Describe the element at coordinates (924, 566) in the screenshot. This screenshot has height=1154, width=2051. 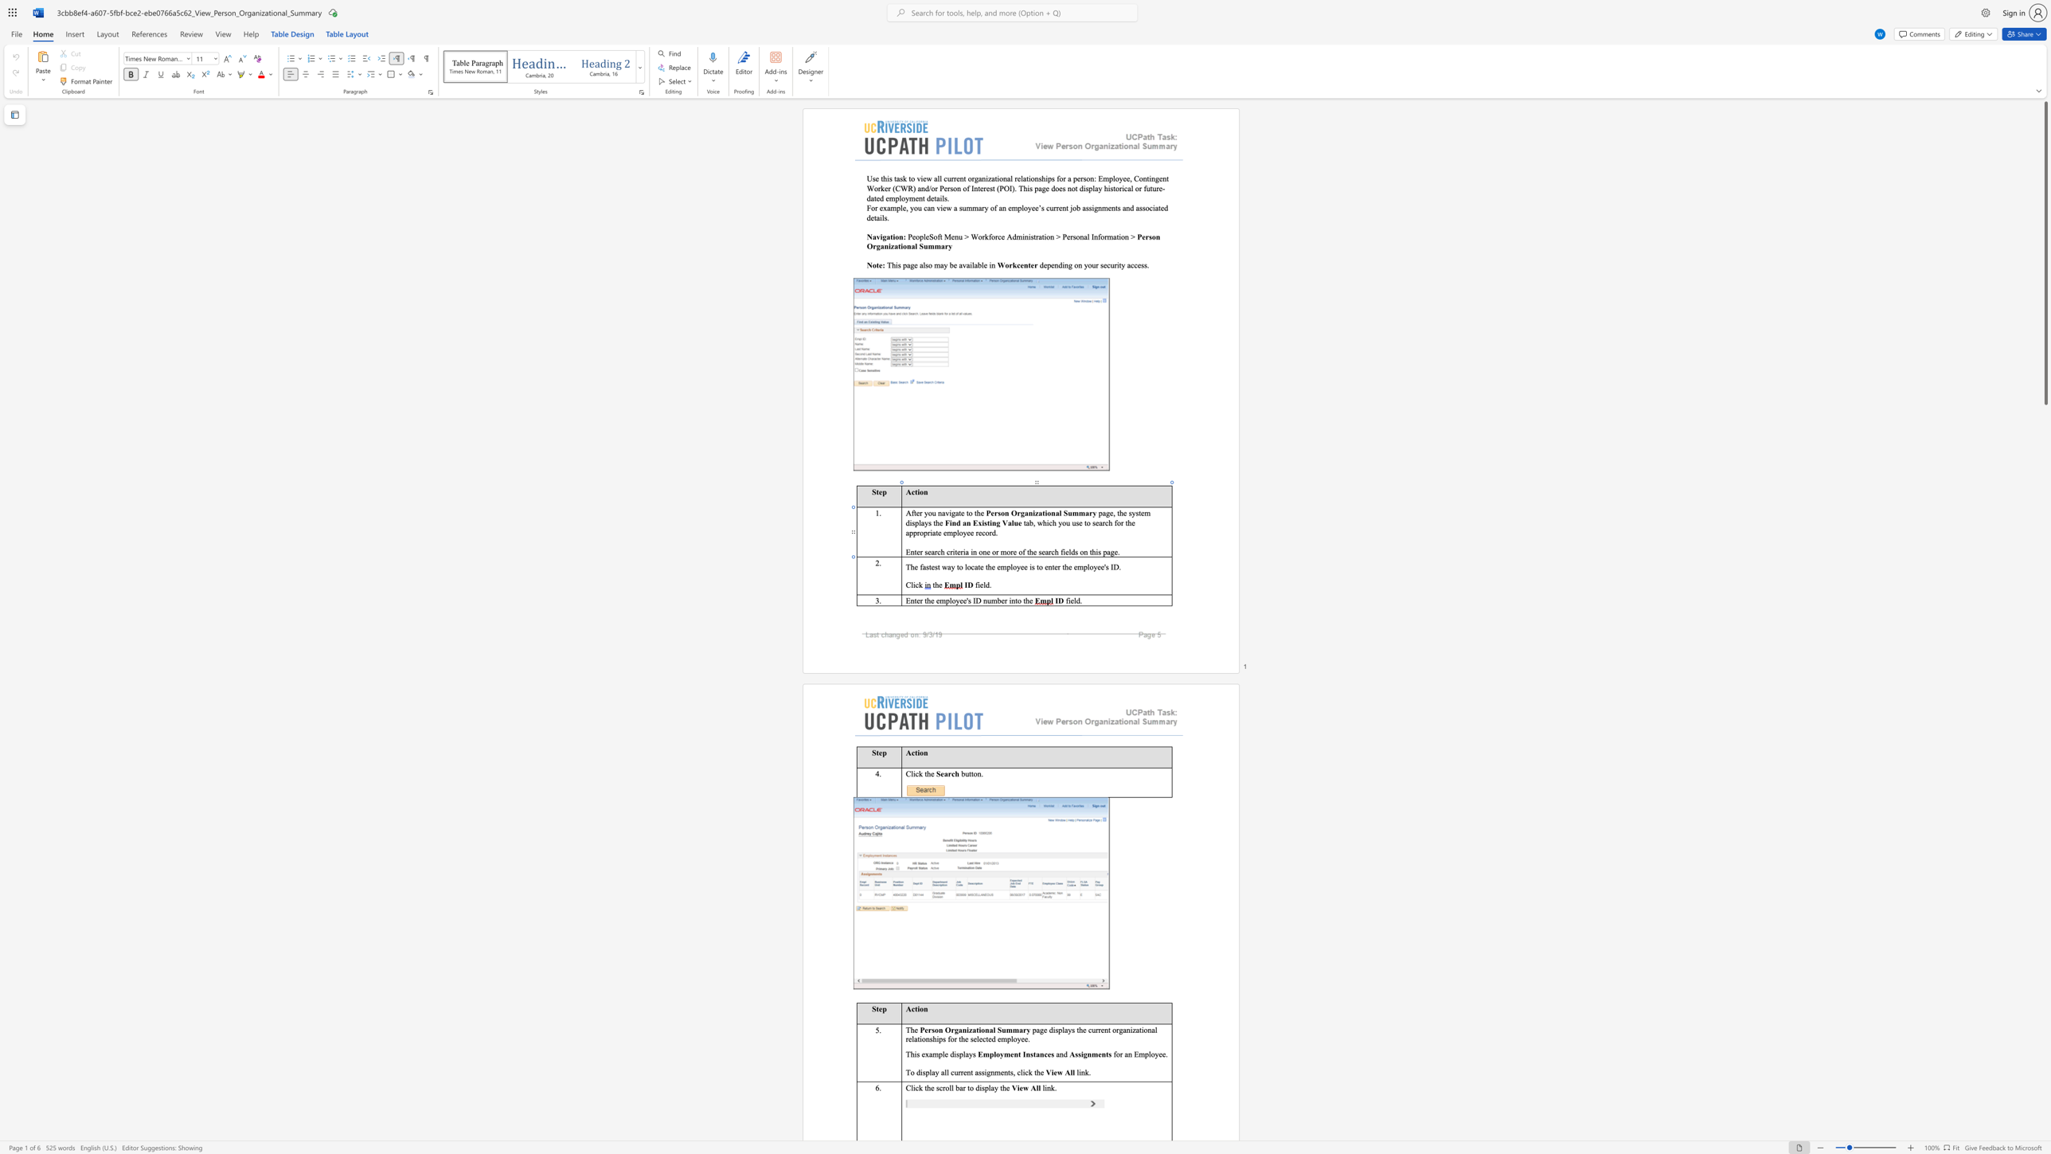
I see `the space between the continuous character "a" and "s" in the text` at that location.